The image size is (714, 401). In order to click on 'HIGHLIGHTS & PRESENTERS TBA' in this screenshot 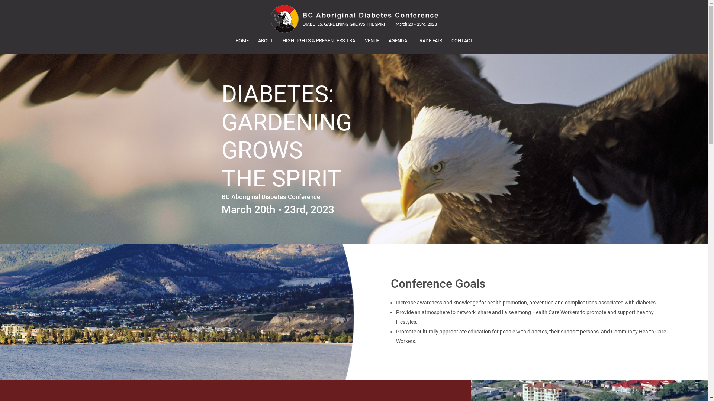, I will do `click(319, 41)`.